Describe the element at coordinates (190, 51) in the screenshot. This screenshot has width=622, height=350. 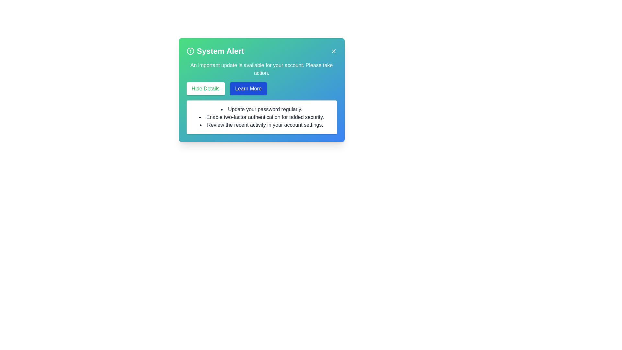
I see `the alert icon located in the header of the alert panel, which is directly to the left of the text 'System Alert', to understand its contextual meaning` at that location.